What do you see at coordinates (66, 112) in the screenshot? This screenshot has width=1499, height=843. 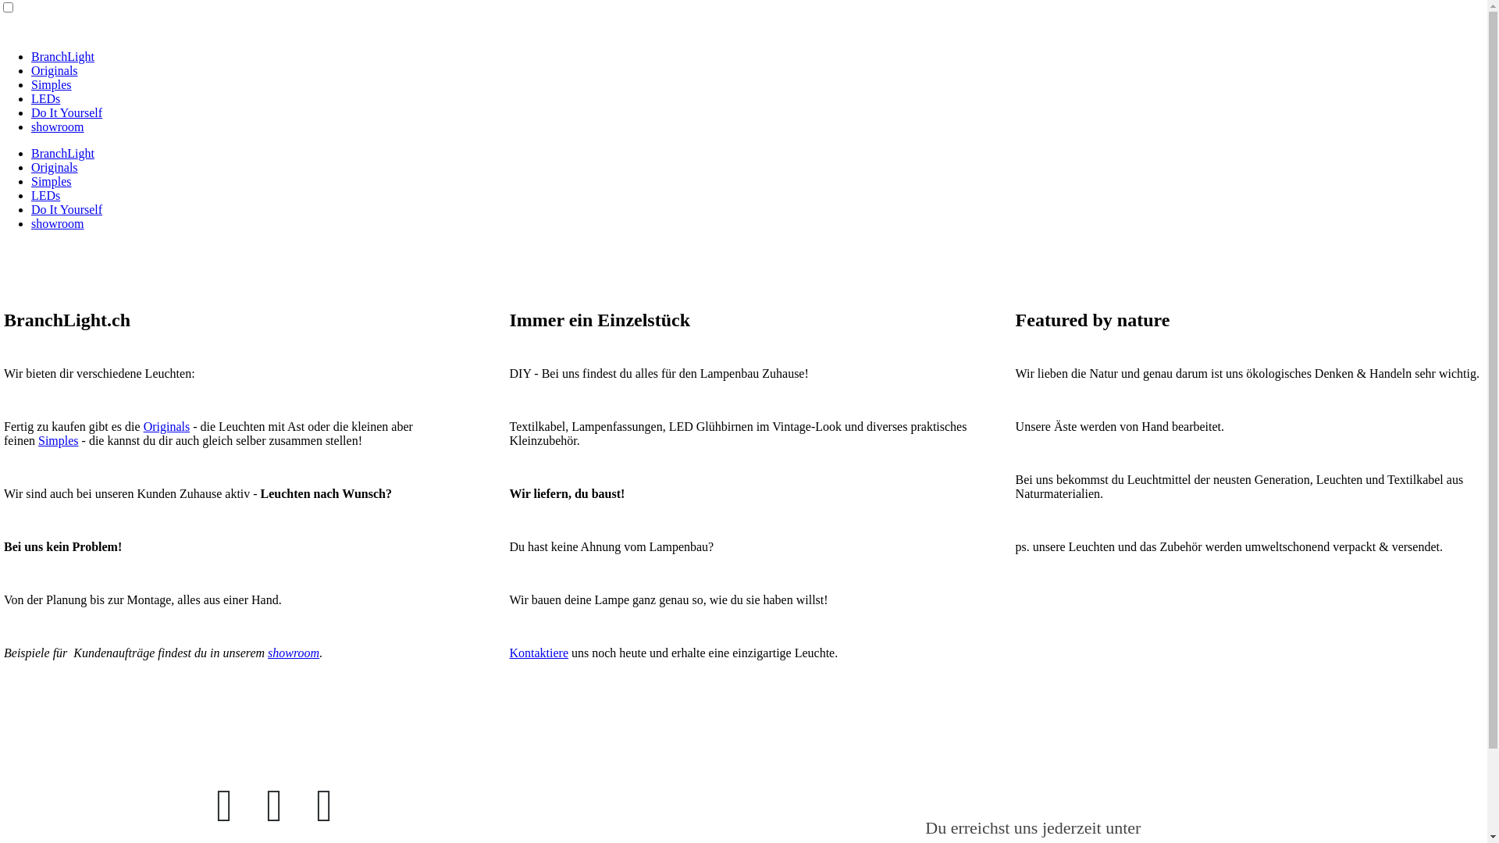 I see `'Do It Yourself'` at bounding box center [66, 112].